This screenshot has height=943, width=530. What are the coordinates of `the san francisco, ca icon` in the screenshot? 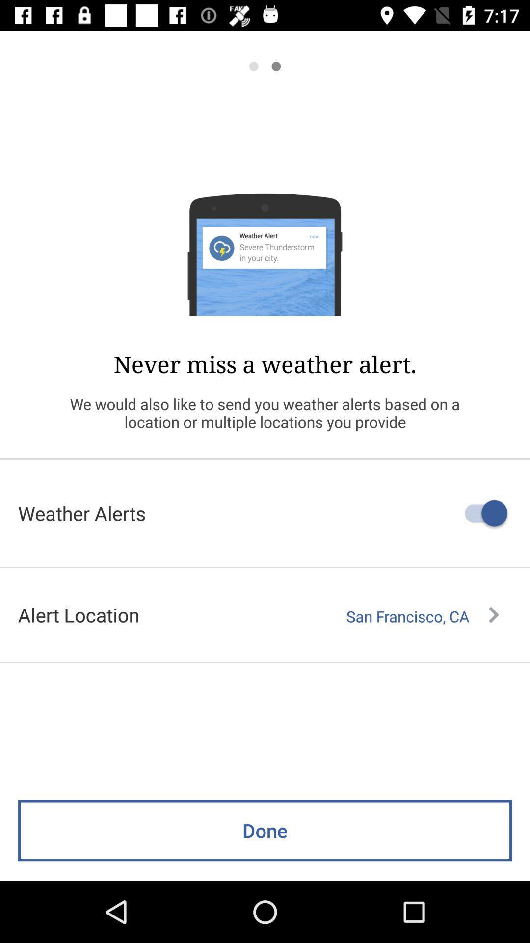 It's located at (422, 616).